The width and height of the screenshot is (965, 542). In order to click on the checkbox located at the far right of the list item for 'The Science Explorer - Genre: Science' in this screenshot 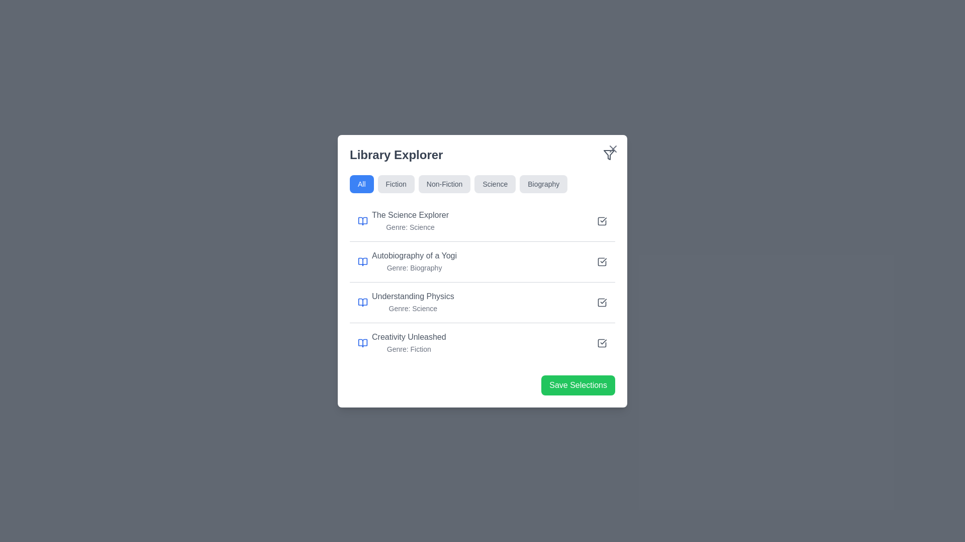, I will do `click(602, 220)`.